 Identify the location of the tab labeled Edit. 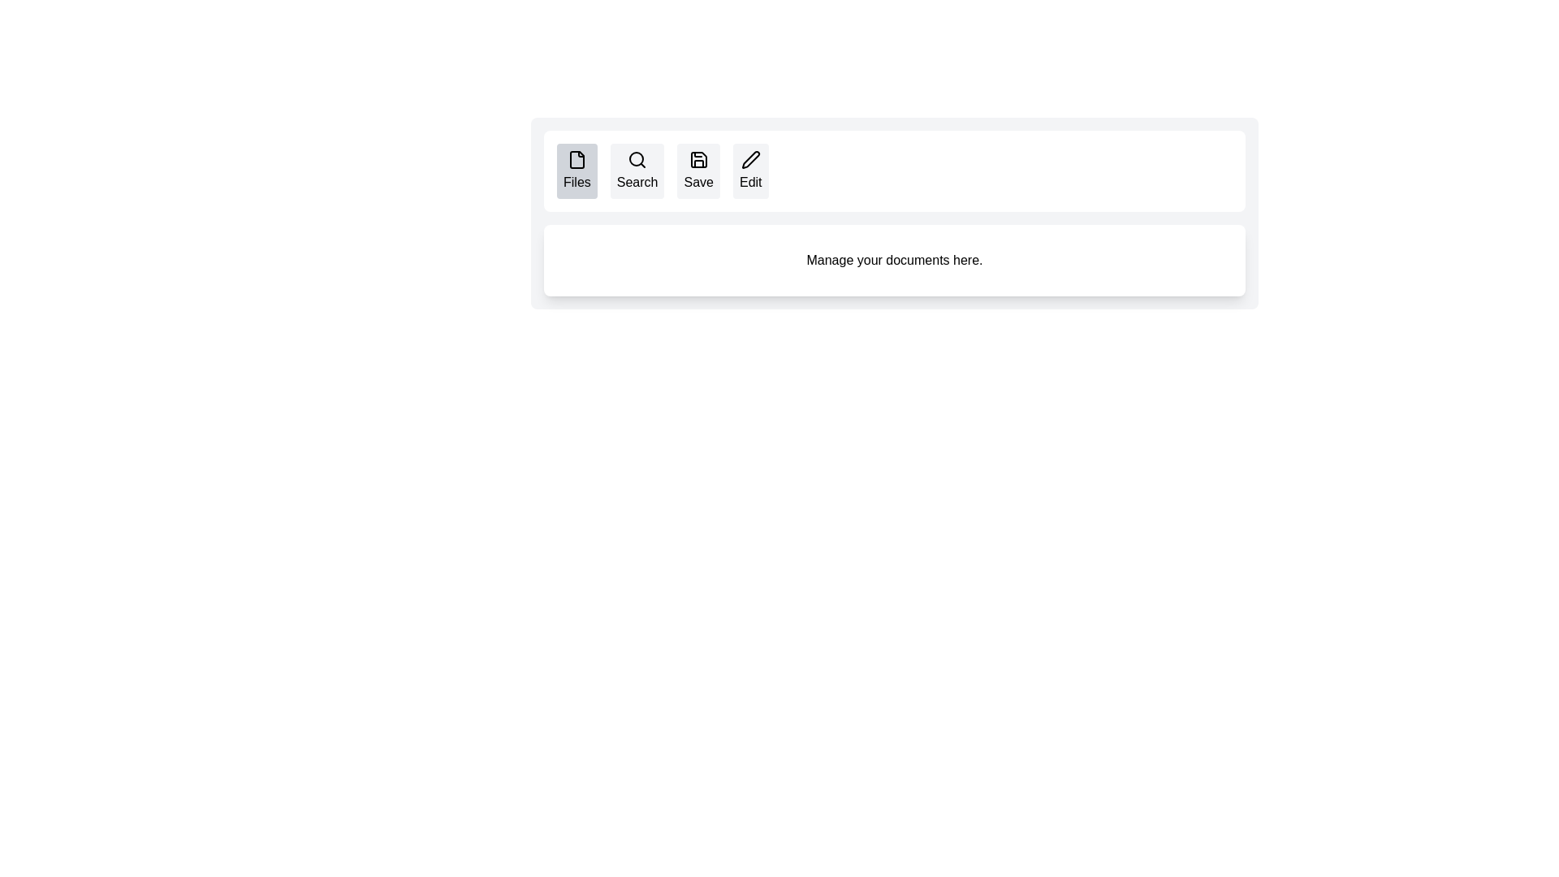
(749, 171).